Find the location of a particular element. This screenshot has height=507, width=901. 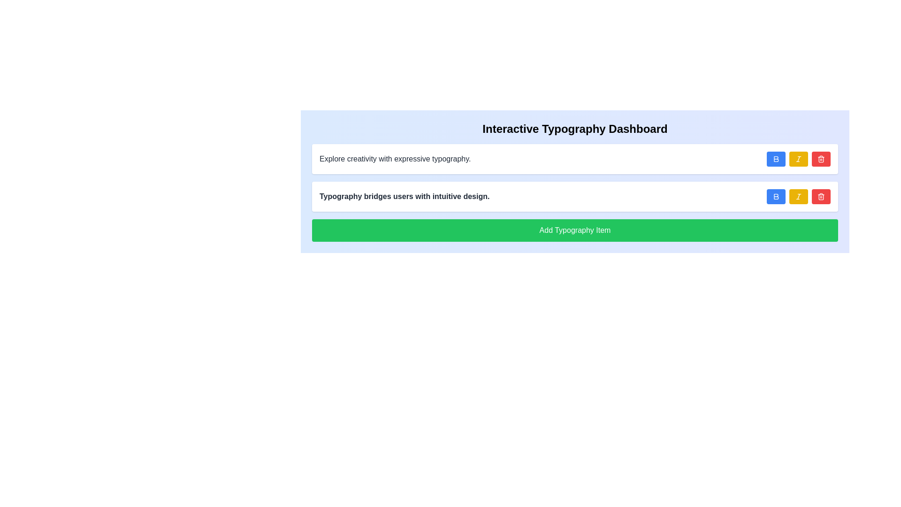

the bold text formatting icon button located to the far right of the first text entry section is located at coordinates (776, 159).